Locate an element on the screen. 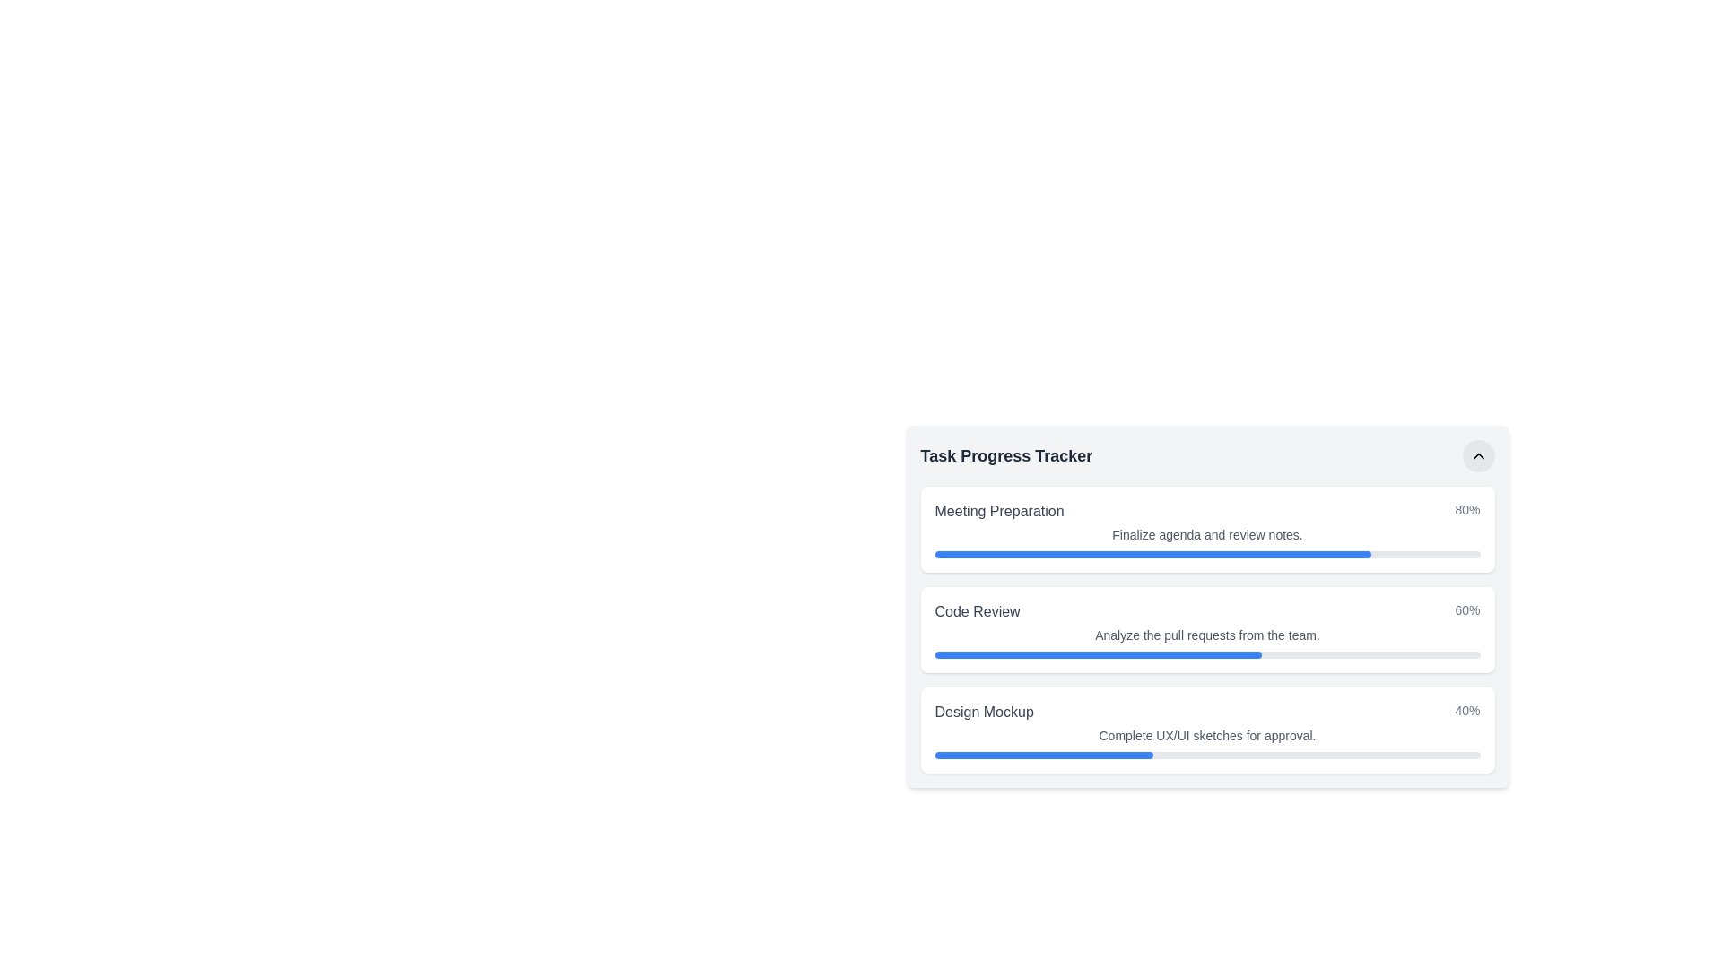  text content of the Text Label that identifies the task title, such as 'Meeting Preparation', located at the top-left corner of the first task item is located at coordinates (998, 511).